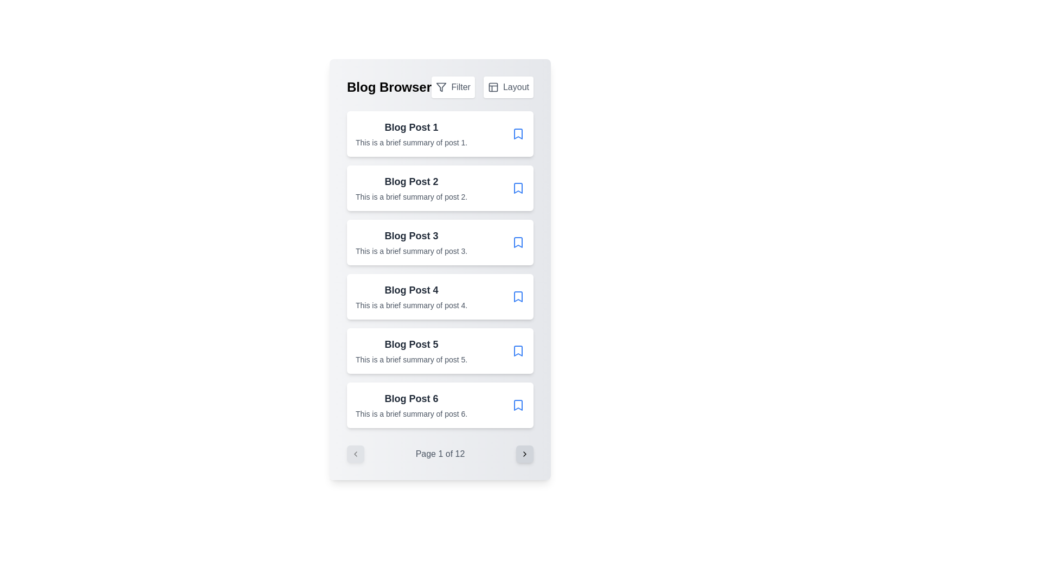 This screenshot has width=1041, height=586. What do you see at coordinates (517, 351) in the screenshot?
I see `the blue outlined bookmark icon button located at the far right of the 'Blog Post 5' section` at bounding box center [517, 351].